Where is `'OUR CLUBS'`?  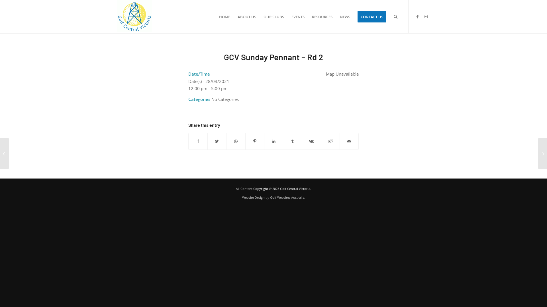 'OUR CLUBS' is located at coordinates (273, 16).